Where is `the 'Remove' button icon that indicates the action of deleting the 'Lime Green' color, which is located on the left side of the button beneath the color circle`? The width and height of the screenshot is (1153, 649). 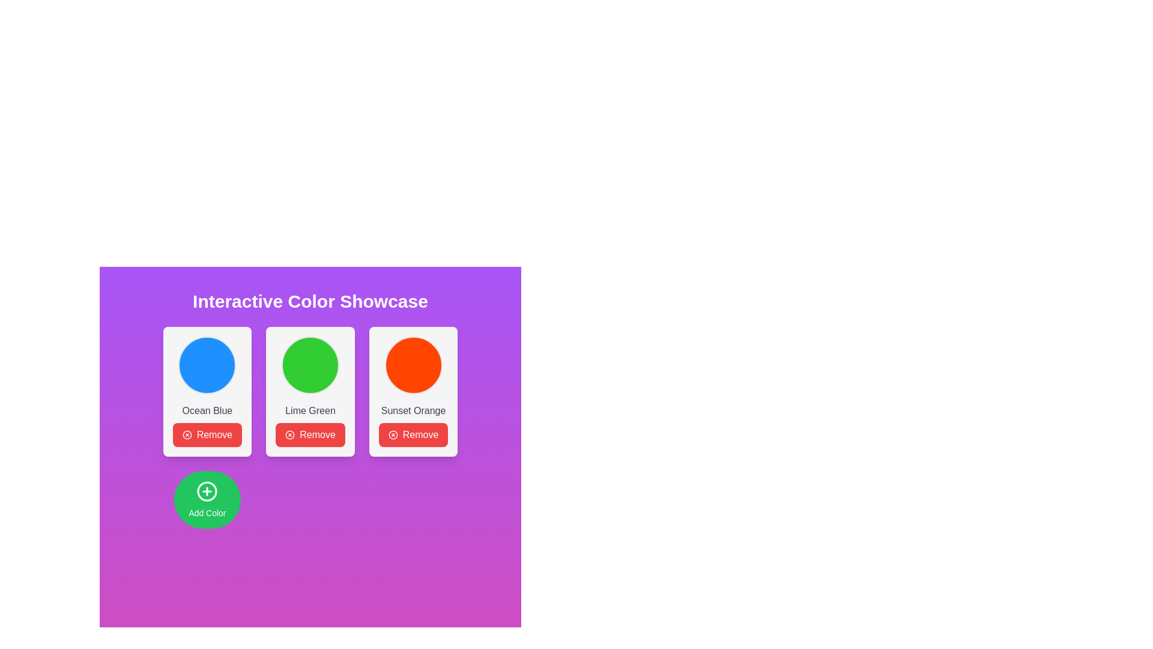
the 'Remove' button icon that indicates the action of deleting the 'Lime Green' color, which is located on the left side of the button beneath the color circle is located at coordinates (290, 435).